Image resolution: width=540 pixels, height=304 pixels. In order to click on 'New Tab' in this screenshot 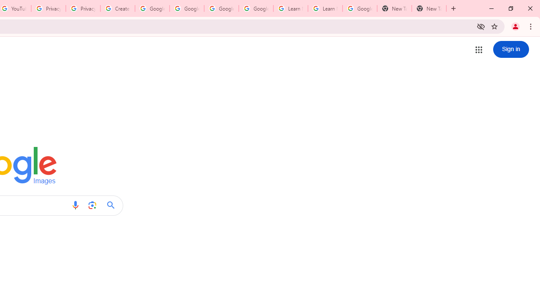, I will do `click(394, 8)`.